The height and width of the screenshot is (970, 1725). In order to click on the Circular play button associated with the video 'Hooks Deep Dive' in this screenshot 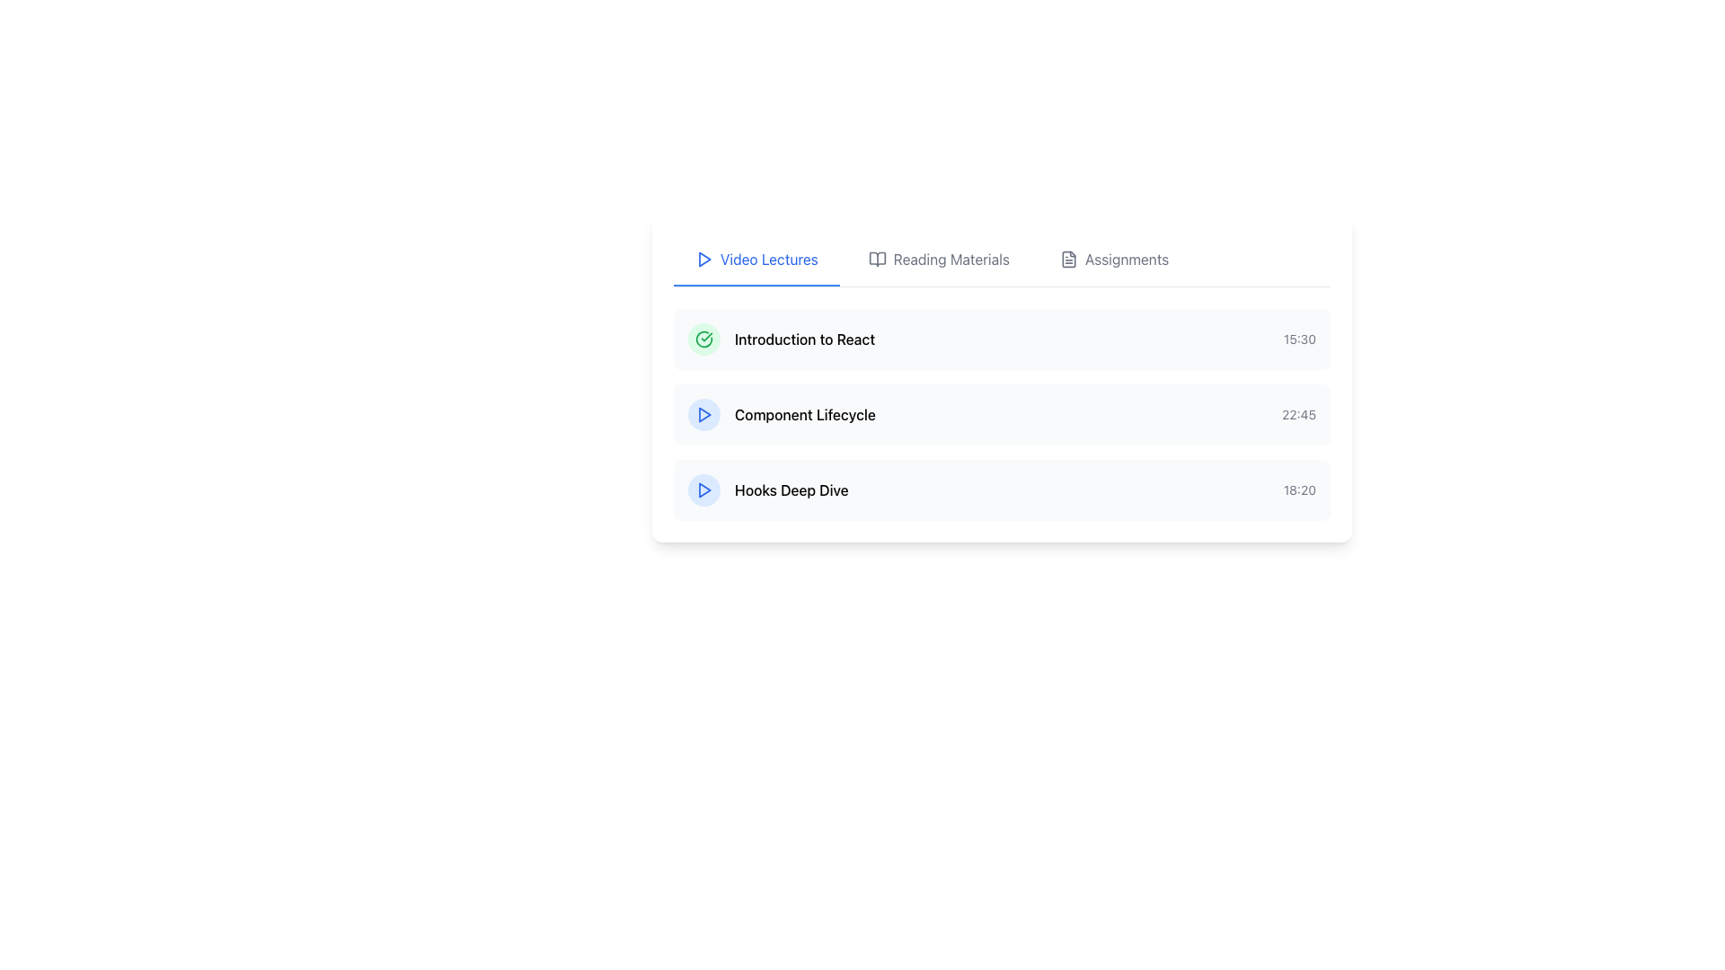, I will do `click(703, 490)`.